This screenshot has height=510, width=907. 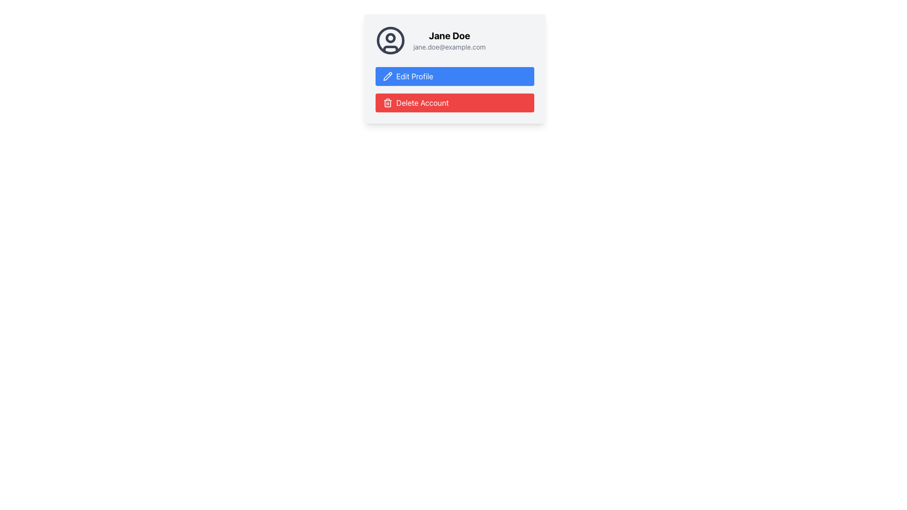 I want to click on the central vertical component of the trash can icon, which is part of the 'Delete Account' button on the left side, so click(x=387, y=103).